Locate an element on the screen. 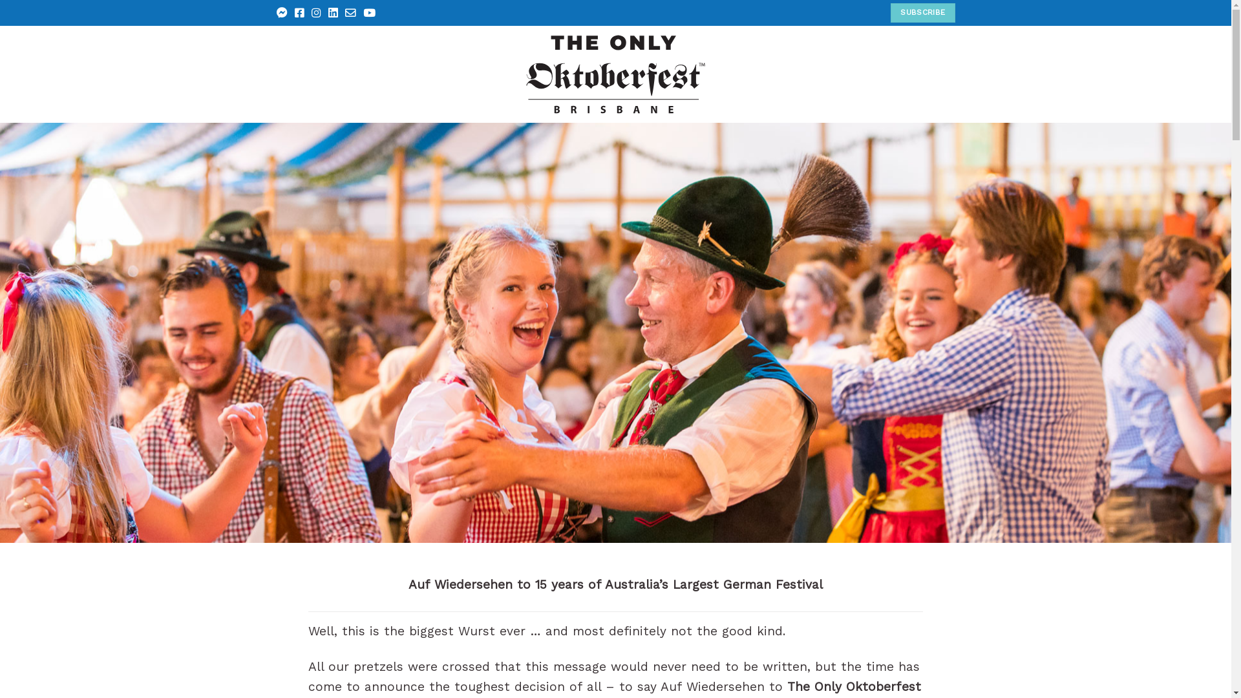 The image size is (1241, 698). 'SUBSCRIBE' is located at coordinates (922, 12).